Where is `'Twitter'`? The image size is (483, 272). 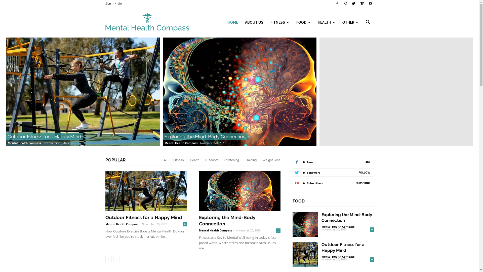
'Twitter' is located at coordinates (353, 4).